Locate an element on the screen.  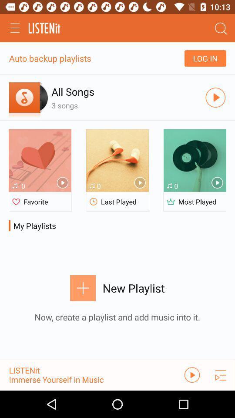
the play icon is located at coordinates (192, 401).